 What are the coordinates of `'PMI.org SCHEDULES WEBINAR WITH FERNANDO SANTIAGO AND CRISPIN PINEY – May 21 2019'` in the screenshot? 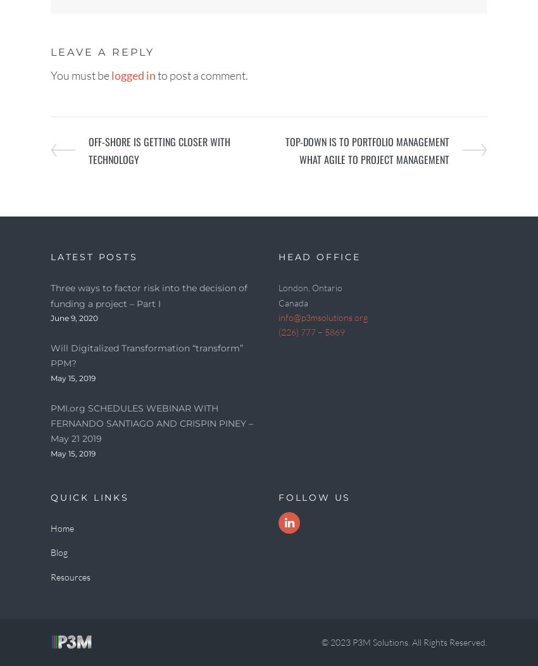 It's located at (152, 422).